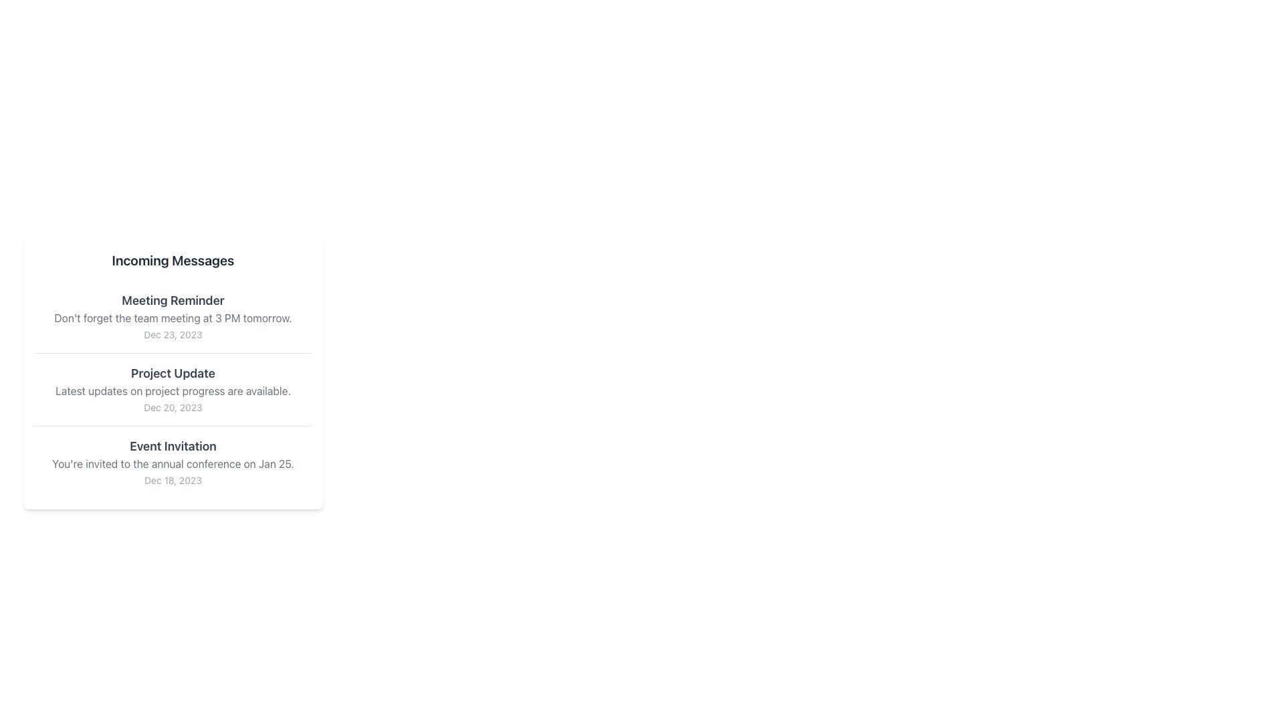 This screenshot has width=1284, height=722. I want to click on the Text Label that displays the date related to the 'Meeting Reminder' message, which is positioned below the body text 'Don't forget the team meeting at 3 PM tomorrow.', so click(173, 334).